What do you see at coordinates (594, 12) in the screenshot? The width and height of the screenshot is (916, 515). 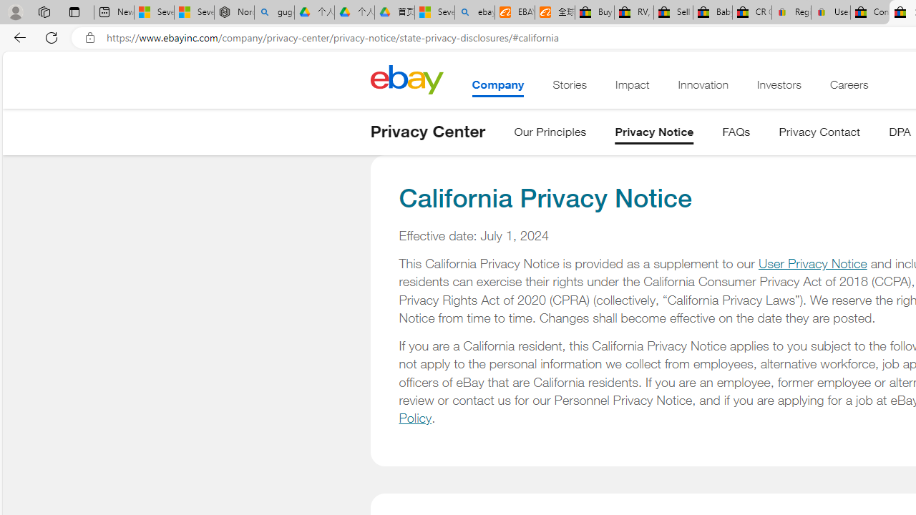 I see `'Buy Auto Parts & Accessories | eBay'` at bounding box center [594, 12].